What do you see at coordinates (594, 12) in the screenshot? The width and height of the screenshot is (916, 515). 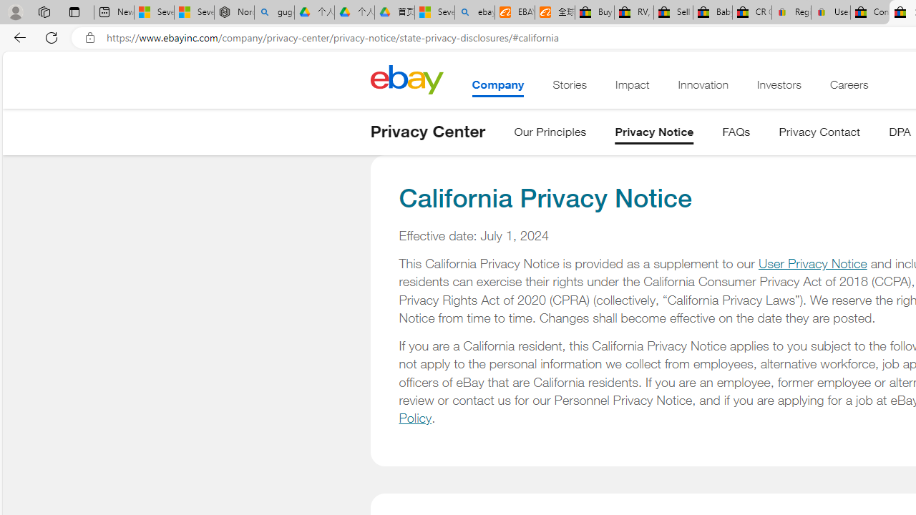 I see `'Buy Auto Parts & Accessories | eBay'` at bounding box center [594, 12].